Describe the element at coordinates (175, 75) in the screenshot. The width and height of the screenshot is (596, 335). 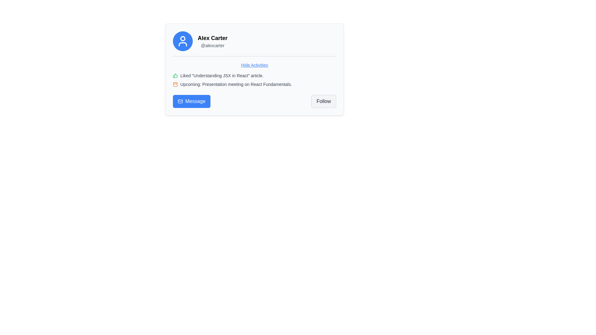
I see `the green thumbs-up icon indicating approval, located in the first entry of the activity log section, adjacent to the text 'Liked "Understanding JSX in React" article.'` at that location.